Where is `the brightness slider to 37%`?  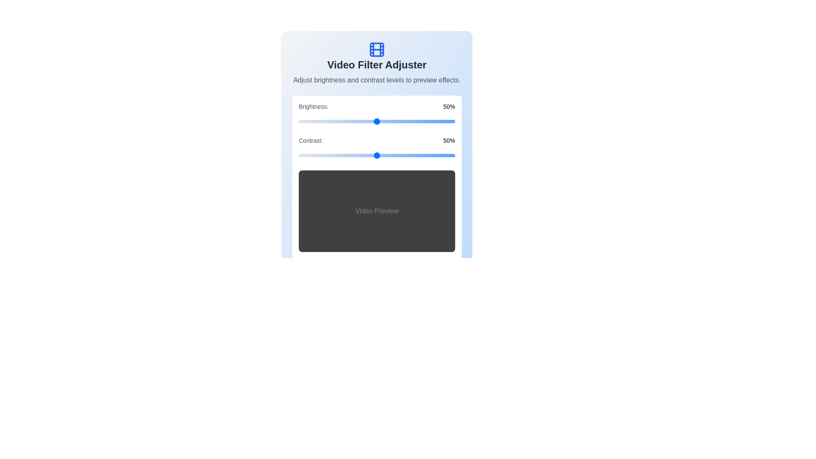 the brightness slider to 37% is located at coordinates (357, 121).